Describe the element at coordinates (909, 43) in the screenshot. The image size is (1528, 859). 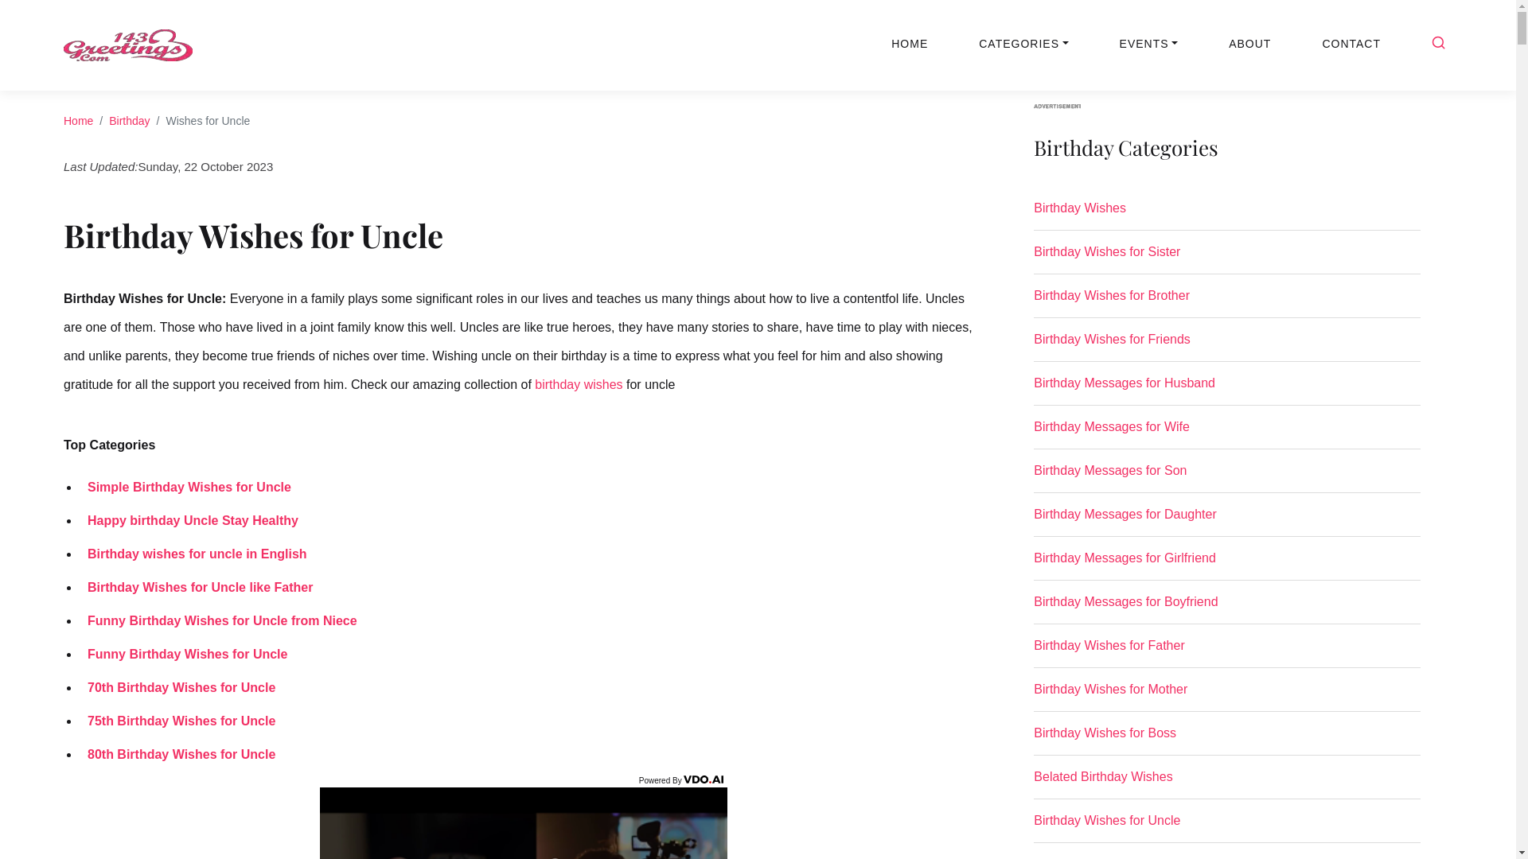
I see `'HOME'` at that location.